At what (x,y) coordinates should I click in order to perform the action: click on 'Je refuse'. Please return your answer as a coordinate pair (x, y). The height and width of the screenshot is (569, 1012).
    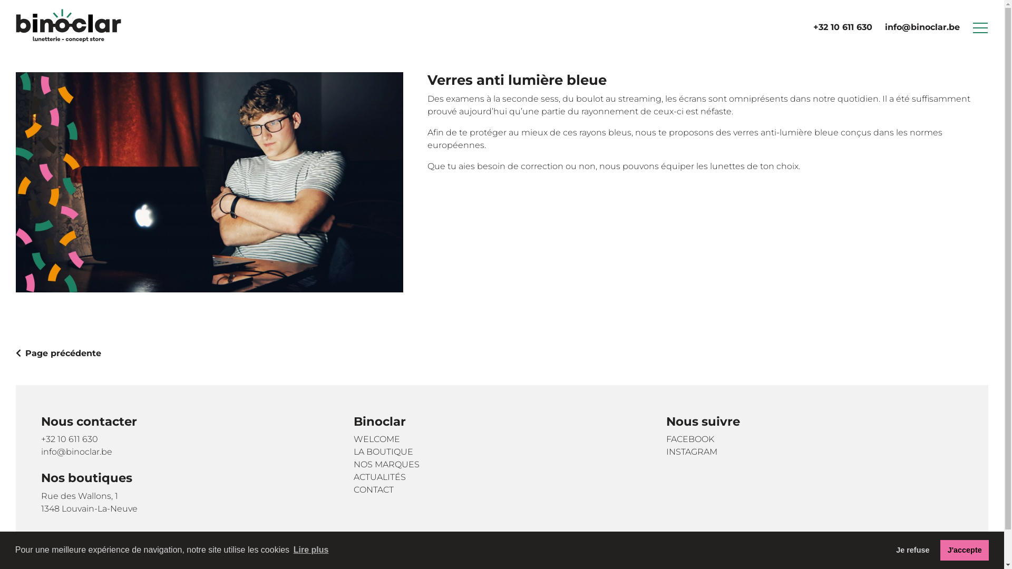
    Looking at the image, I should click on (912, 550).